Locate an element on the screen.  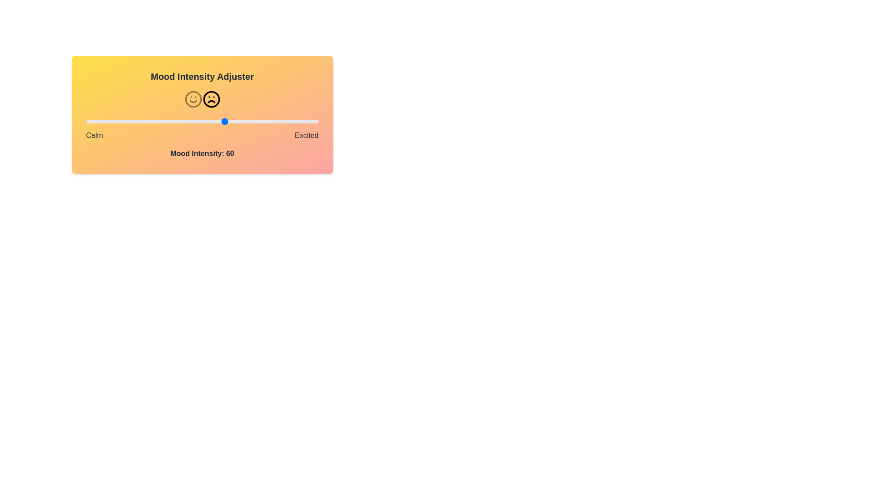
the mood intensity slider to 27 (0 to 100) is located at coordinates (149, 121).